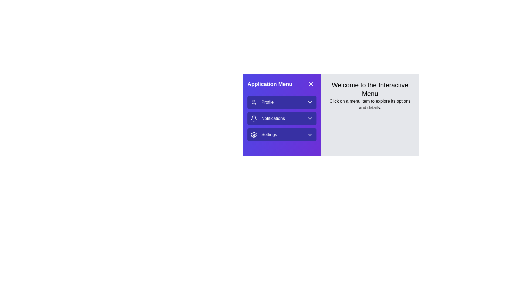  What do you see at coordinates (268, 118) in the screenshot?
I see `the 'Notifications' menu item in the side navigation panel` at bounding box center [268, 118].